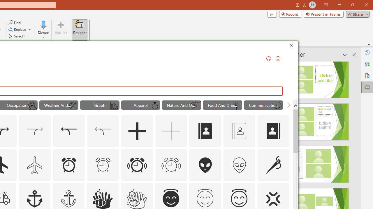 Image resolution: width=373 pixels, height=209 pixels. Describe the element at coordinates (114, 106) in the screenshot. I see `'AutomationID: Icons_BarChart_LTR_M'` at that location.